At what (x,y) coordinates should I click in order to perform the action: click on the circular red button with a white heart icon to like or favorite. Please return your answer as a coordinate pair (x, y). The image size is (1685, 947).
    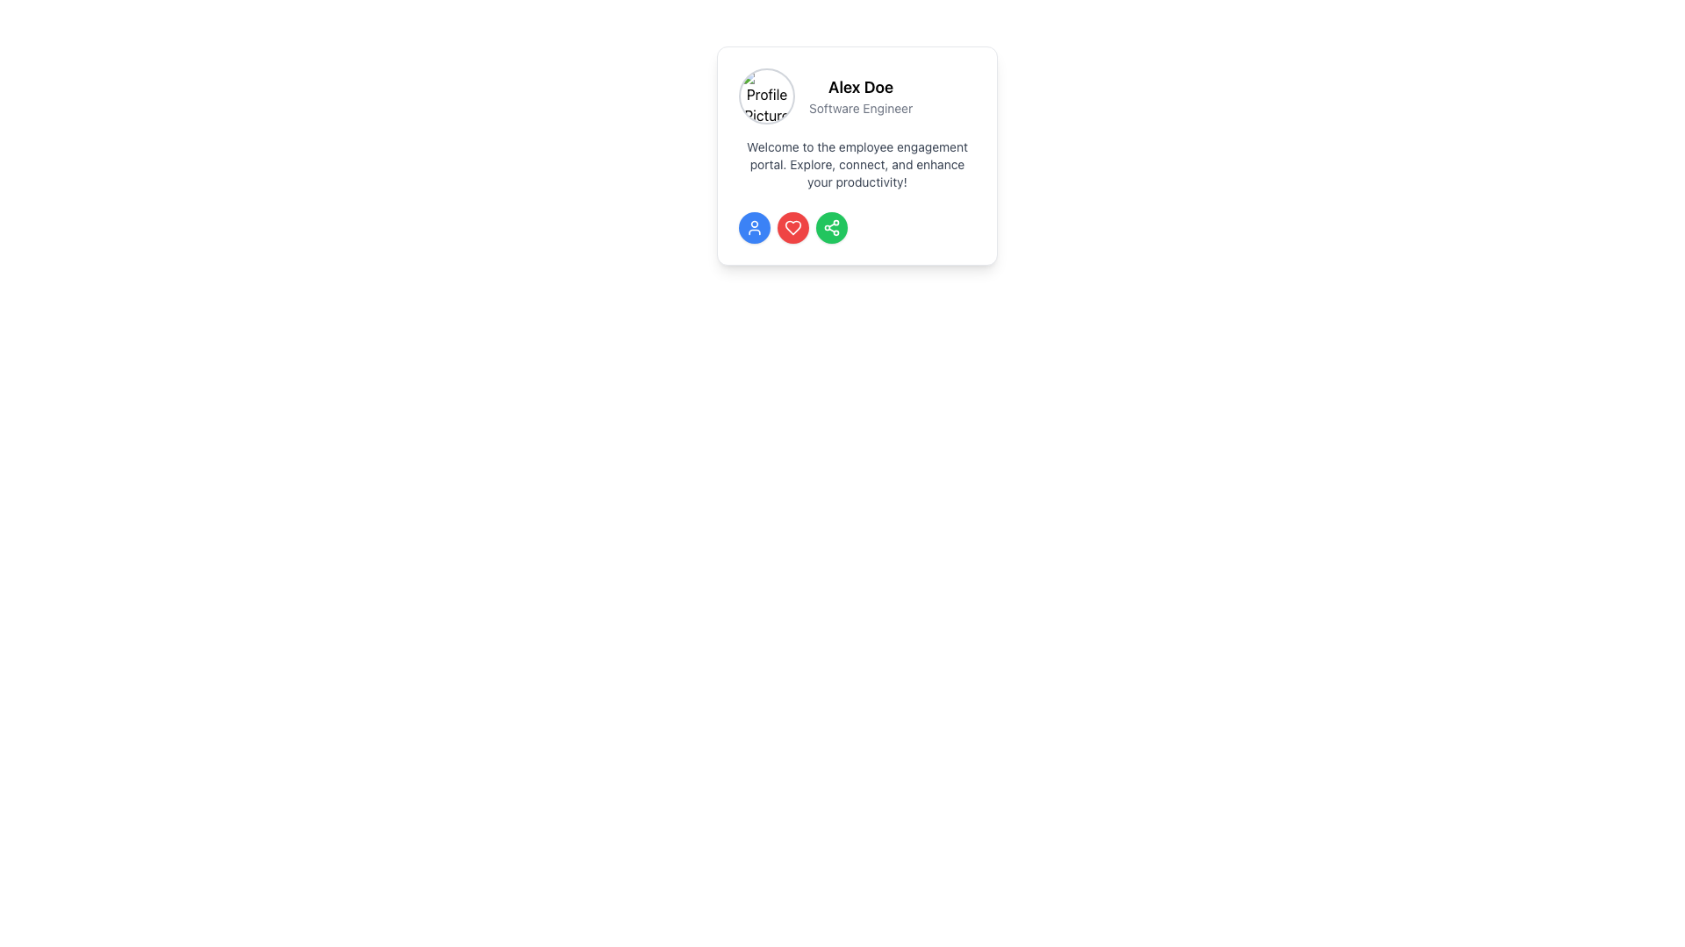
    Looking at the image, I should click on (792, 226).